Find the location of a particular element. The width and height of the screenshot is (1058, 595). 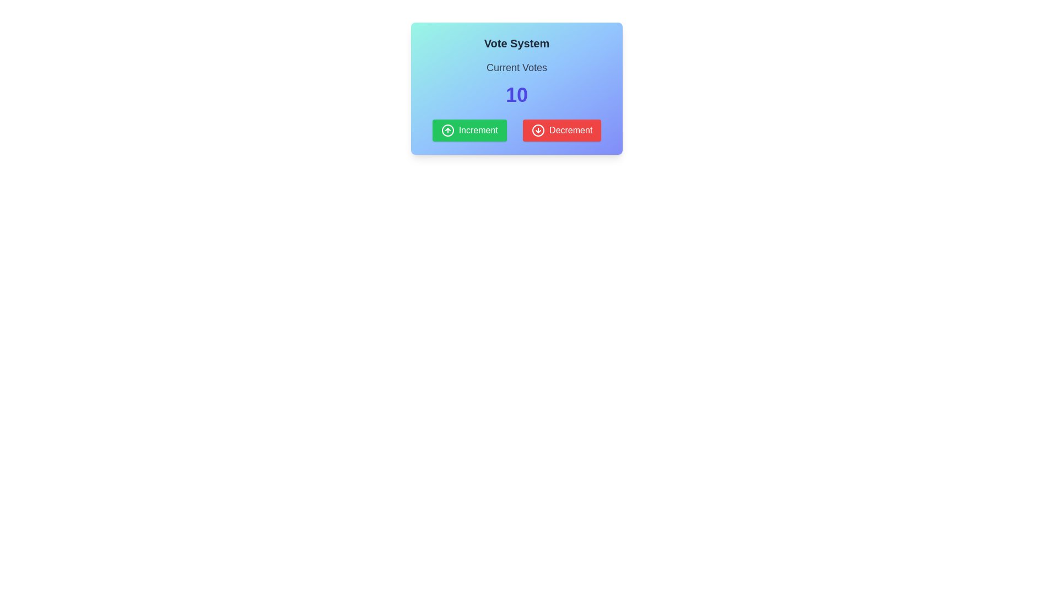

text heading at the top of the voting system interface, which indicates the context or theme of the interface is located at coordinates (516, 42).